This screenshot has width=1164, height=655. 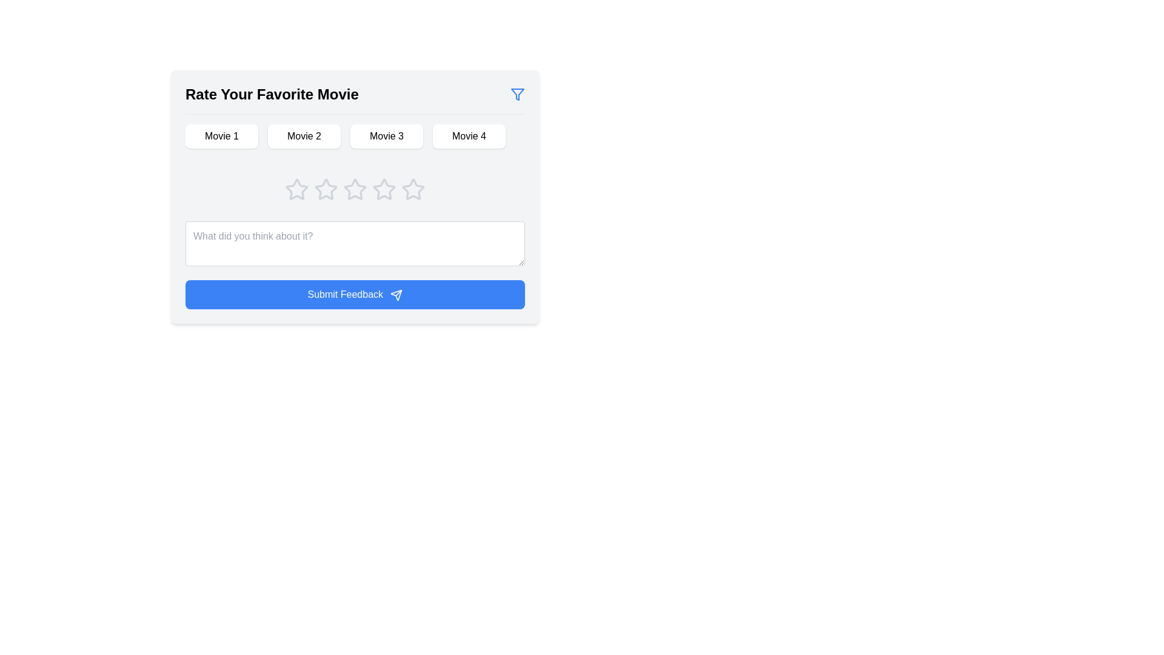 What do you see at coordinates (413, 189) in the screenshot?
I see `the fifth star icon in the rating section, which is represented by a light gray outlined star-shaped icon` at bounding box center [413, 189].